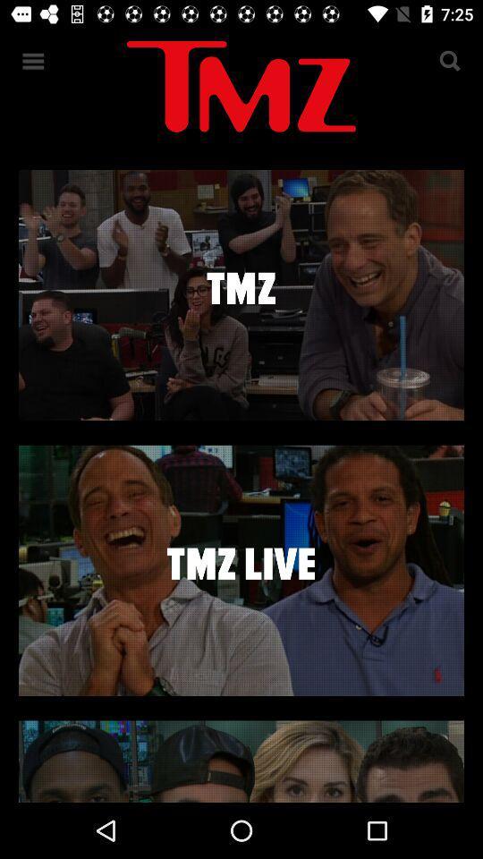 Image resolution: width=483 pixels, height=859 pixels. Describe the element at coordinates (241, 294) in the screenshot. I see `open tmz` at that location.